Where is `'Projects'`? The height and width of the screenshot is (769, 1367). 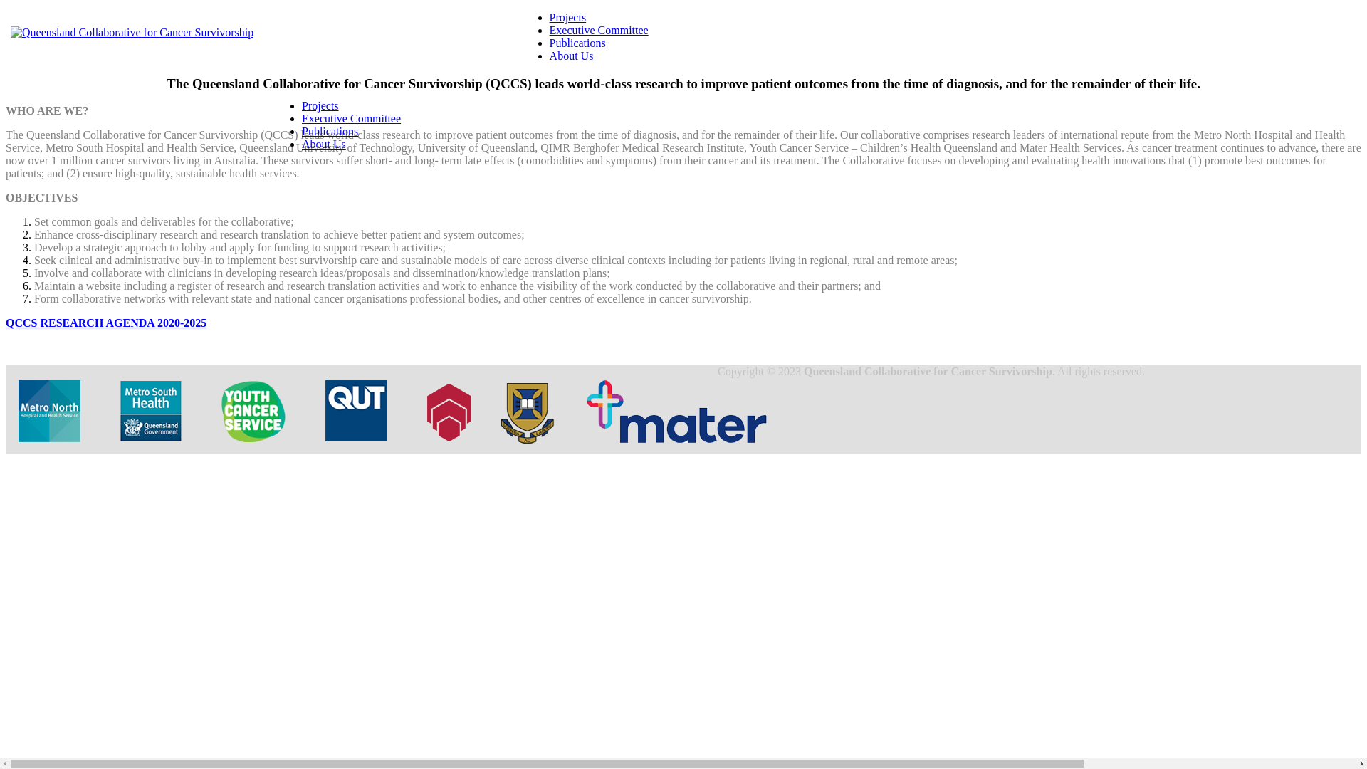 'Projects' is located at coordinates (320, 105).